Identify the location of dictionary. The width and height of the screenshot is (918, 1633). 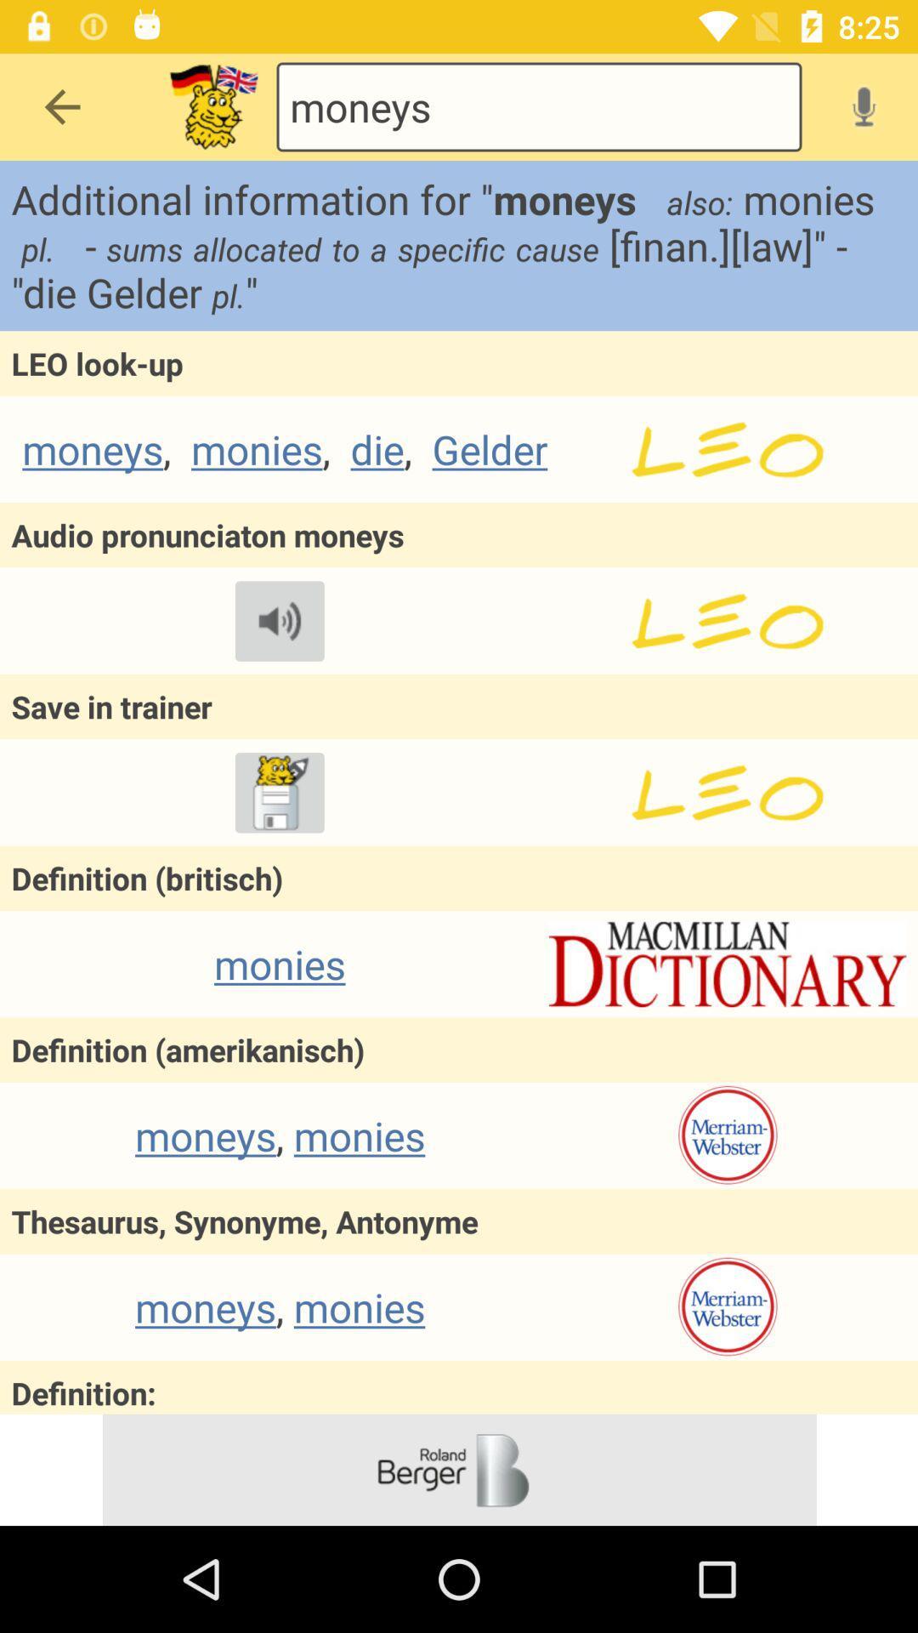
(727, 964).